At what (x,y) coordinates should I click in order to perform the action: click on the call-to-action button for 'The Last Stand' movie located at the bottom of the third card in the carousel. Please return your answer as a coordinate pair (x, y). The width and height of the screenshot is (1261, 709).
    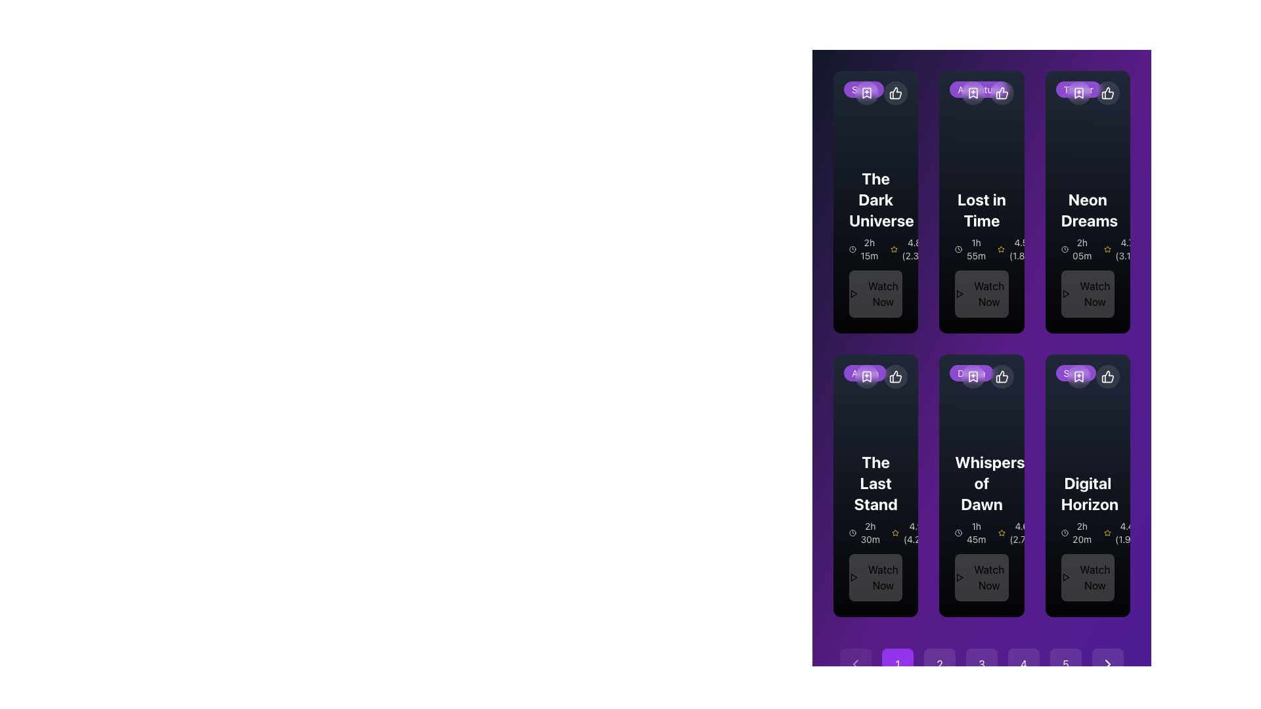
    Looking at the image, I should click on (875, 576).